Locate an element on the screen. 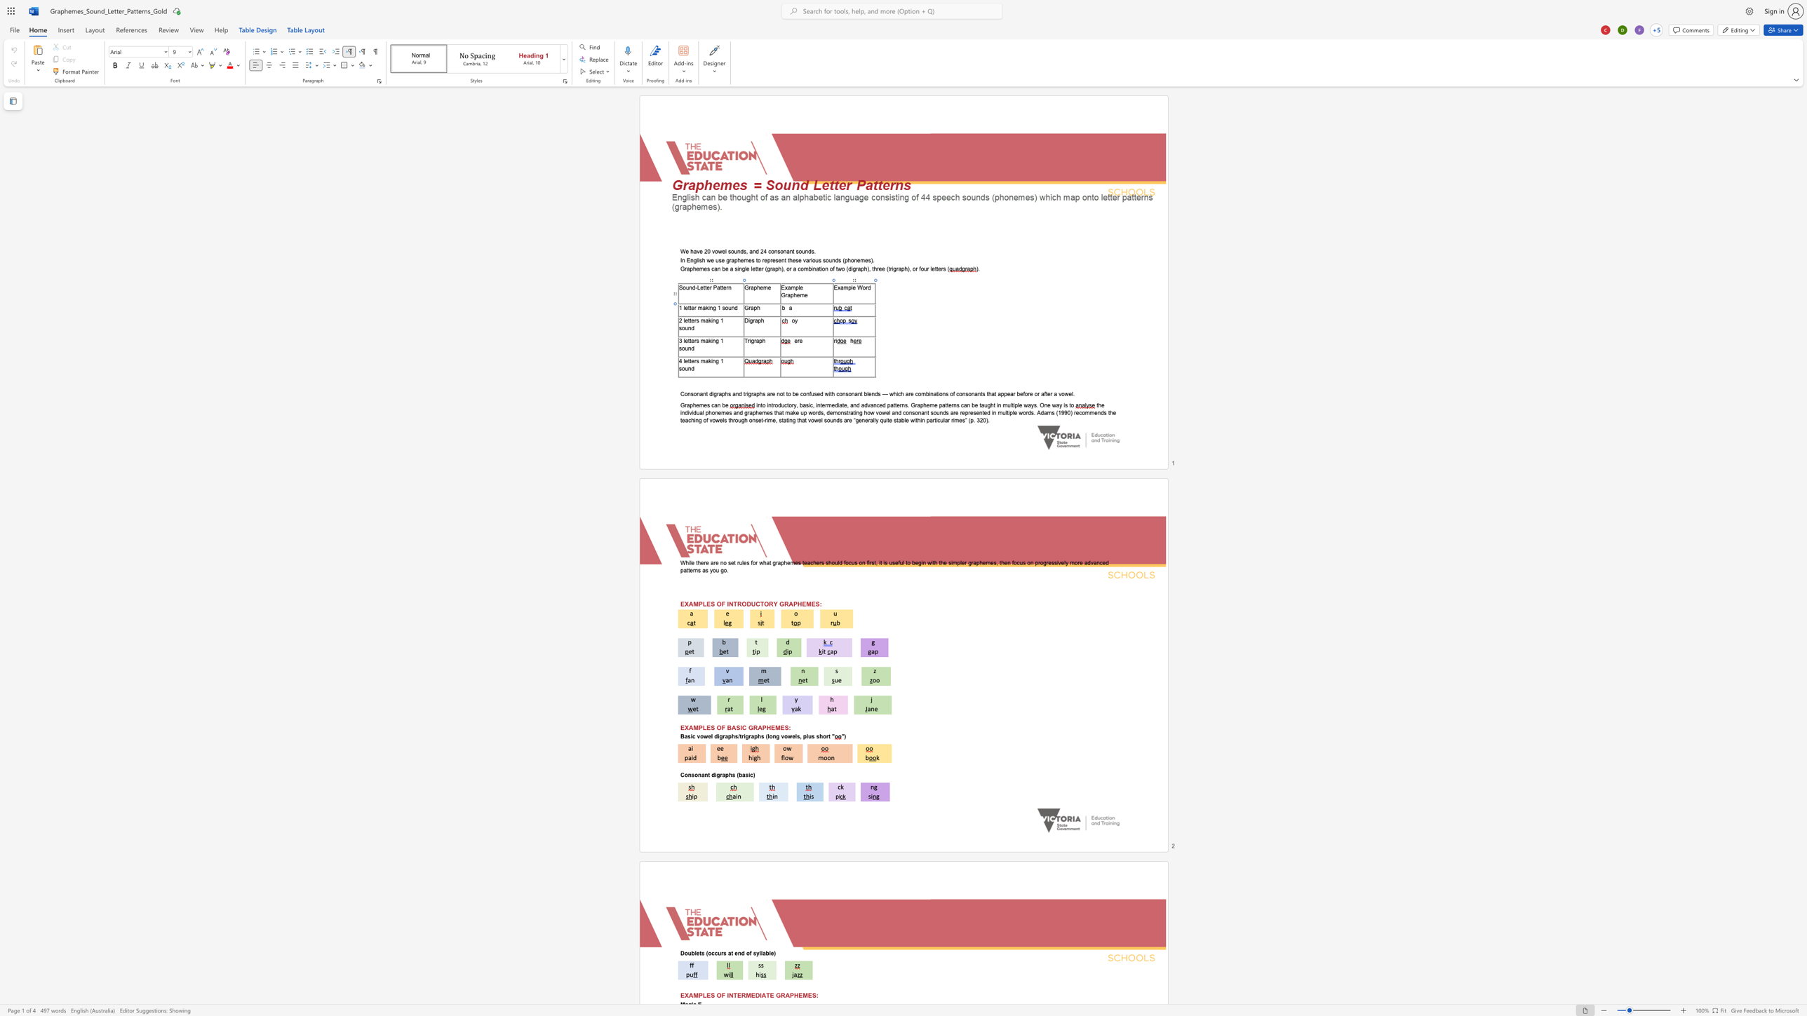 This screenshot has height=1016, width=1807. the 1th character "i" in the text is located at coordinates (709, 308).